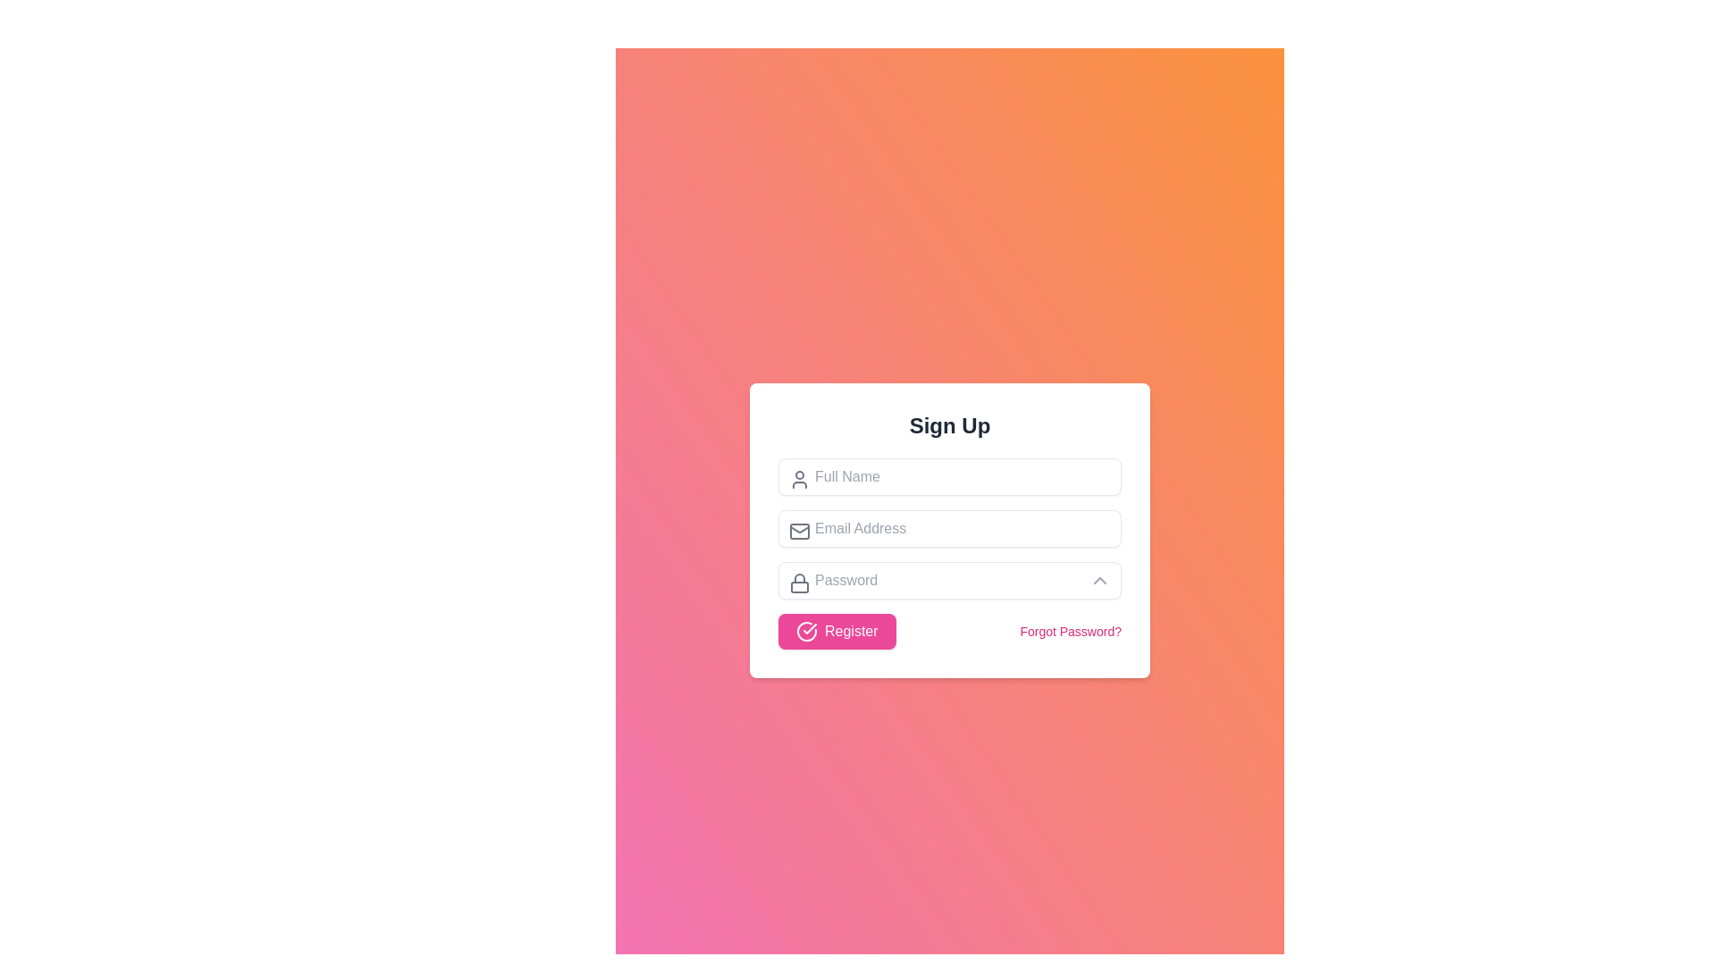 The height and width of the screenshot is (965, 1716). Describe the element at coordinates (798, 583) in the screenshot. I see `the gray lock icon located on the left side of the 'Password' input field` at that location.